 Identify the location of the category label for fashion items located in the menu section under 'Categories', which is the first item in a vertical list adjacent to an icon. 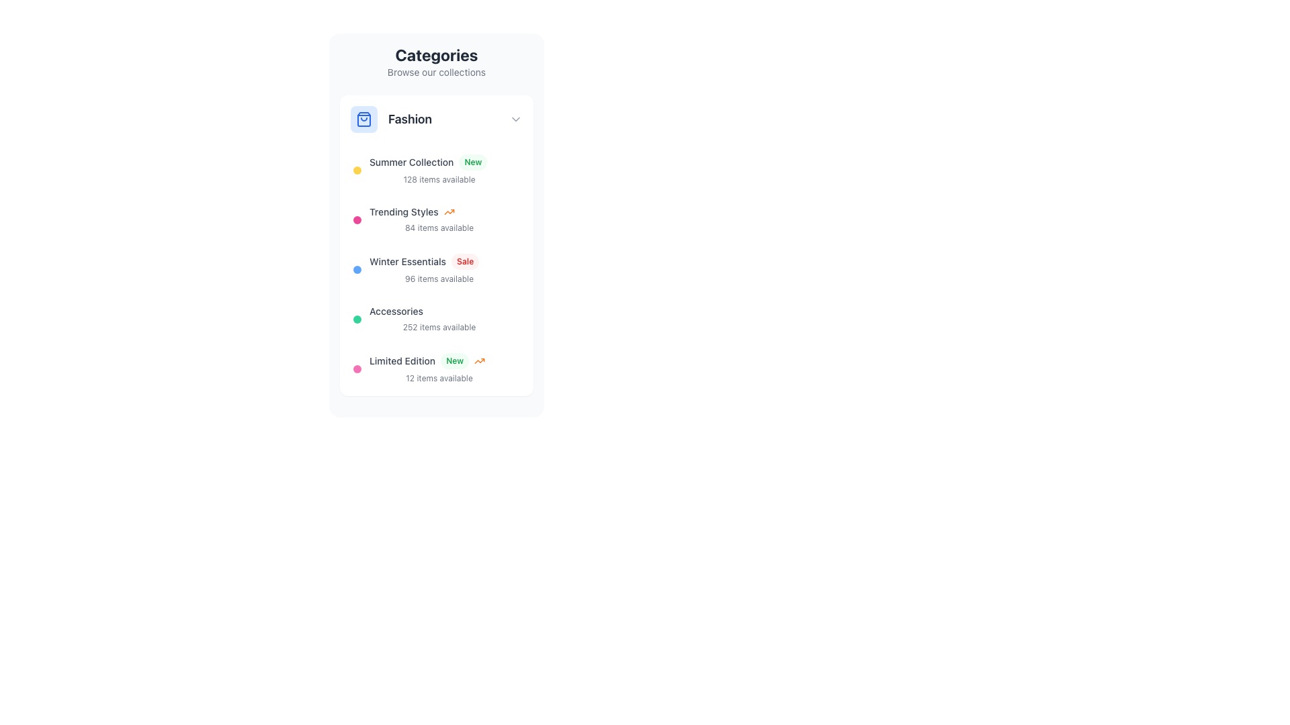
(409, 118).